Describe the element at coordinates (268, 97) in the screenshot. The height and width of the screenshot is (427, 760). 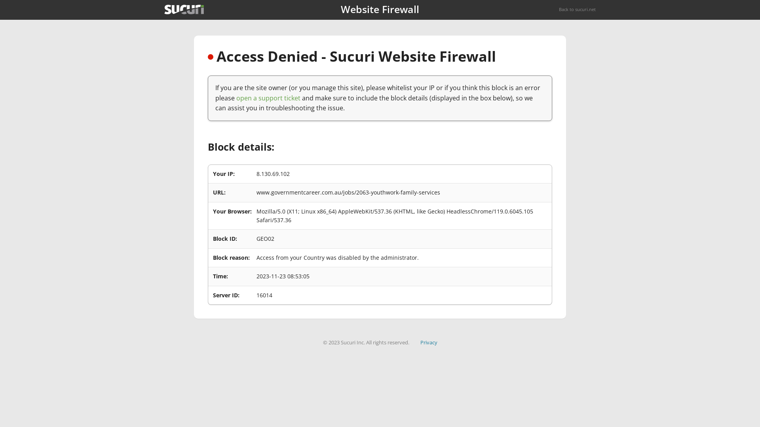
I see `'open a support ticket'` at that location.